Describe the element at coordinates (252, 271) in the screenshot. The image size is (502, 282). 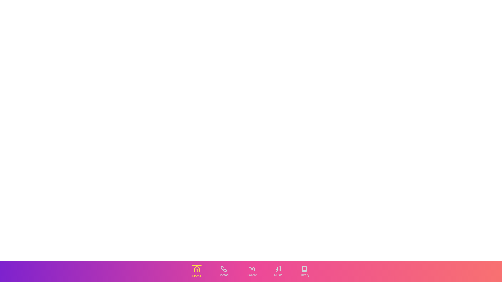
I see `the tab labeled Gallery to switch to that tab` at that location.